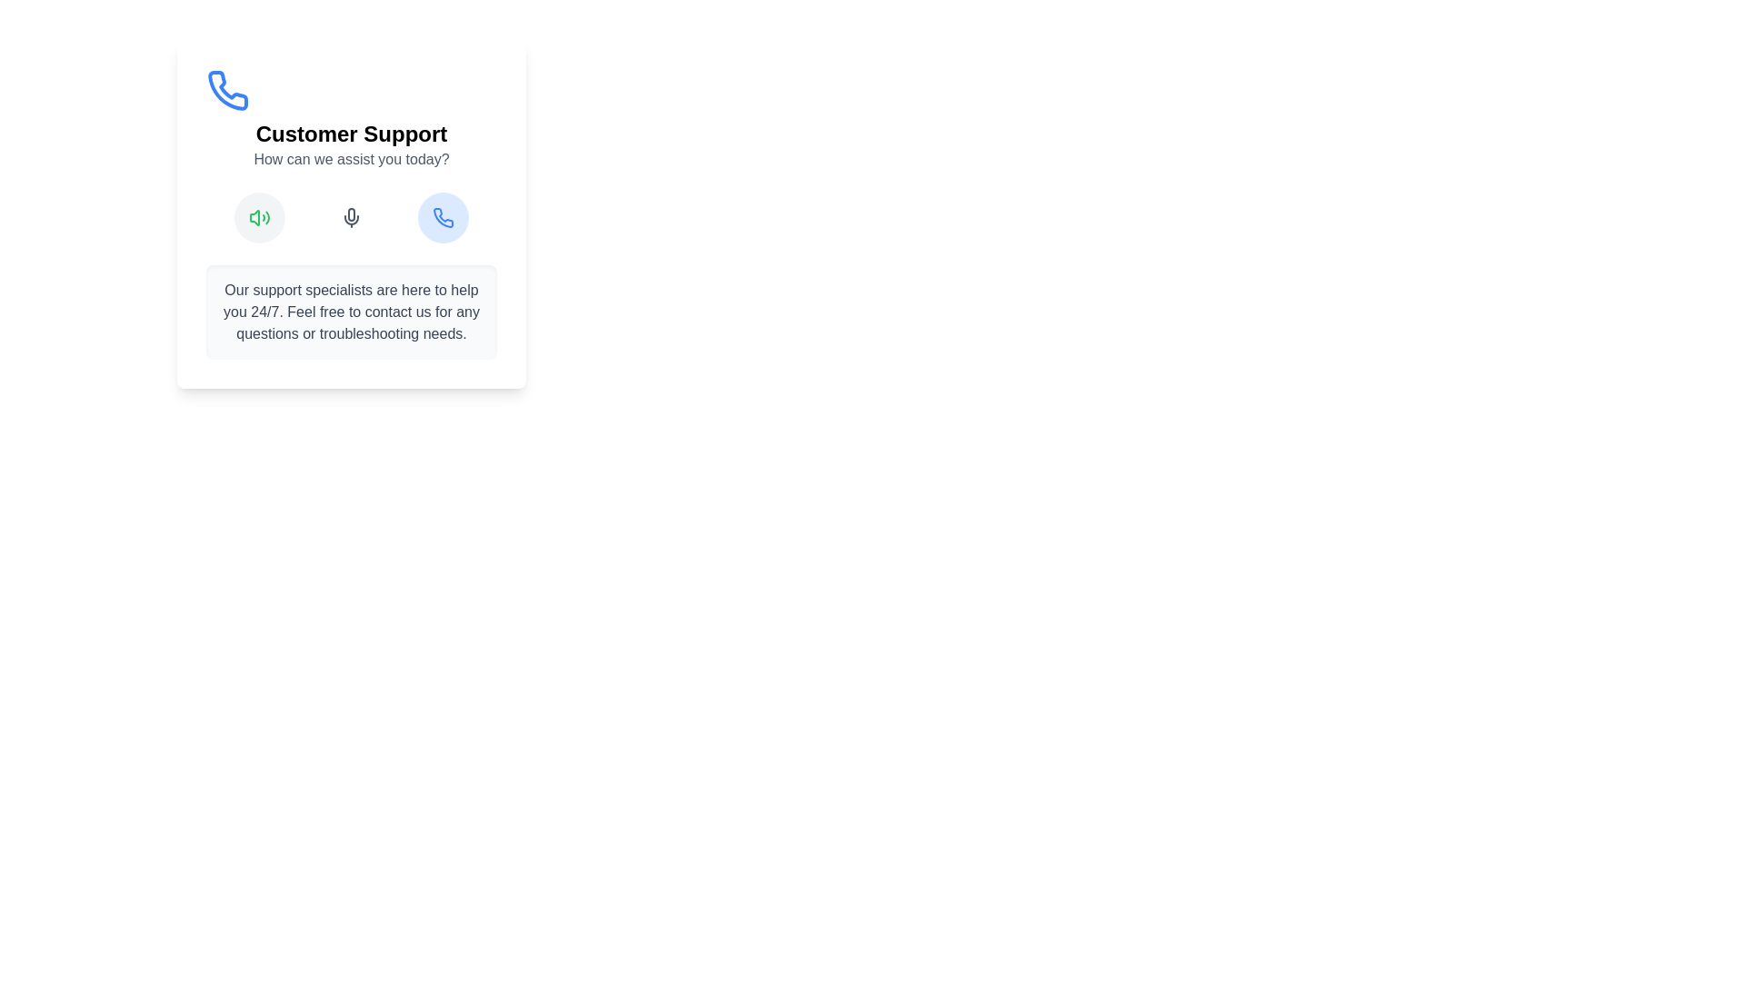 Image resolution: width=1745 pixels, height=981 pixels. What do you see at coordinates (444, 216) in the screenshot?
I see `the circular button with a blue background featuring a phone icon` at bounding box center [444, 216].